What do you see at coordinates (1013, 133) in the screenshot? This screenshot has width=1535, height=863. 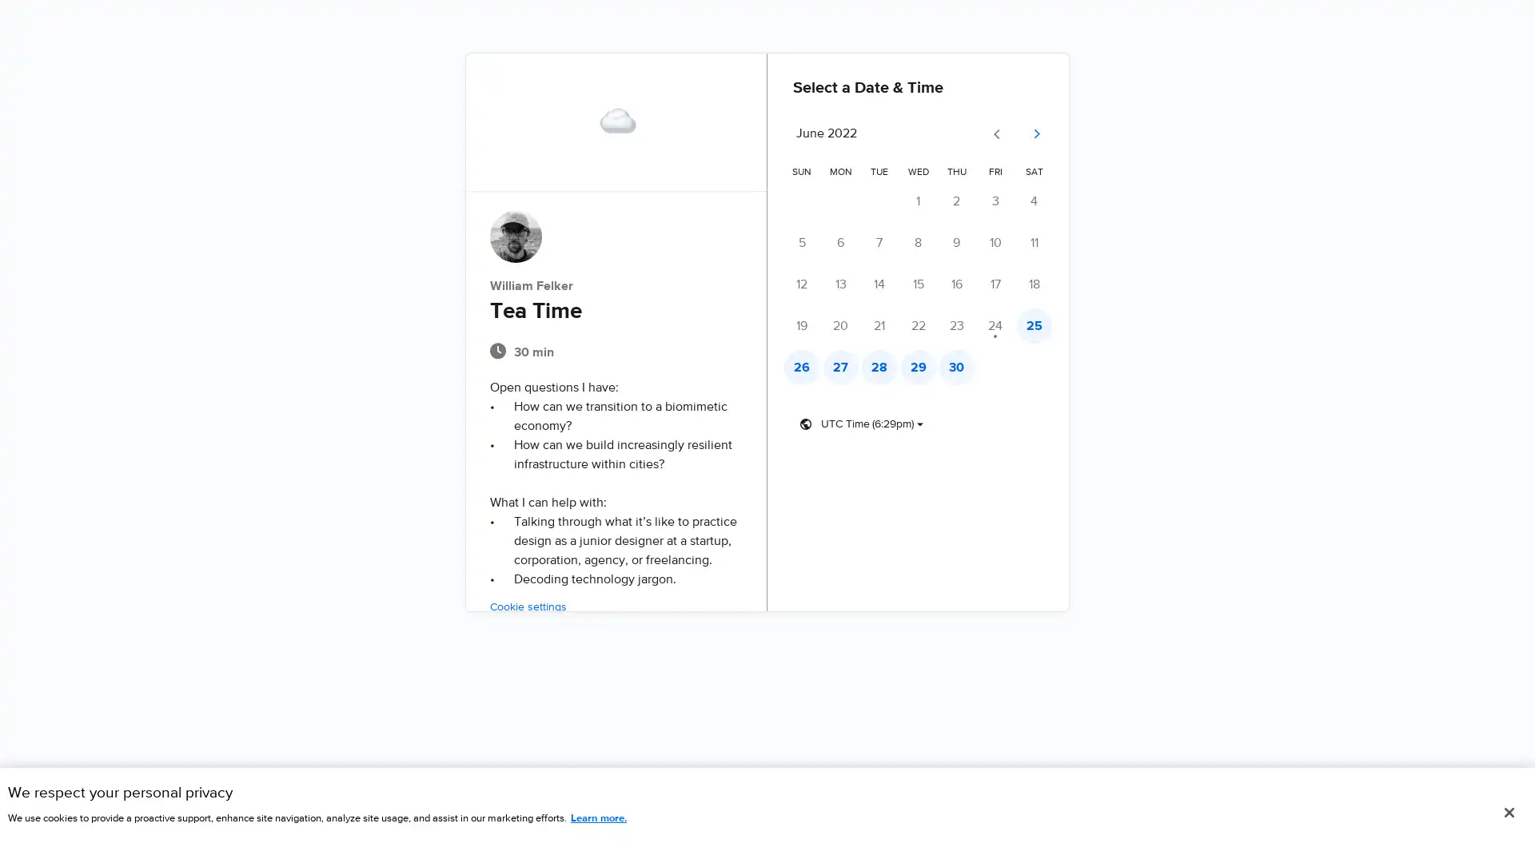 I see `Go to previous month` at bounding box center [1013, 133].